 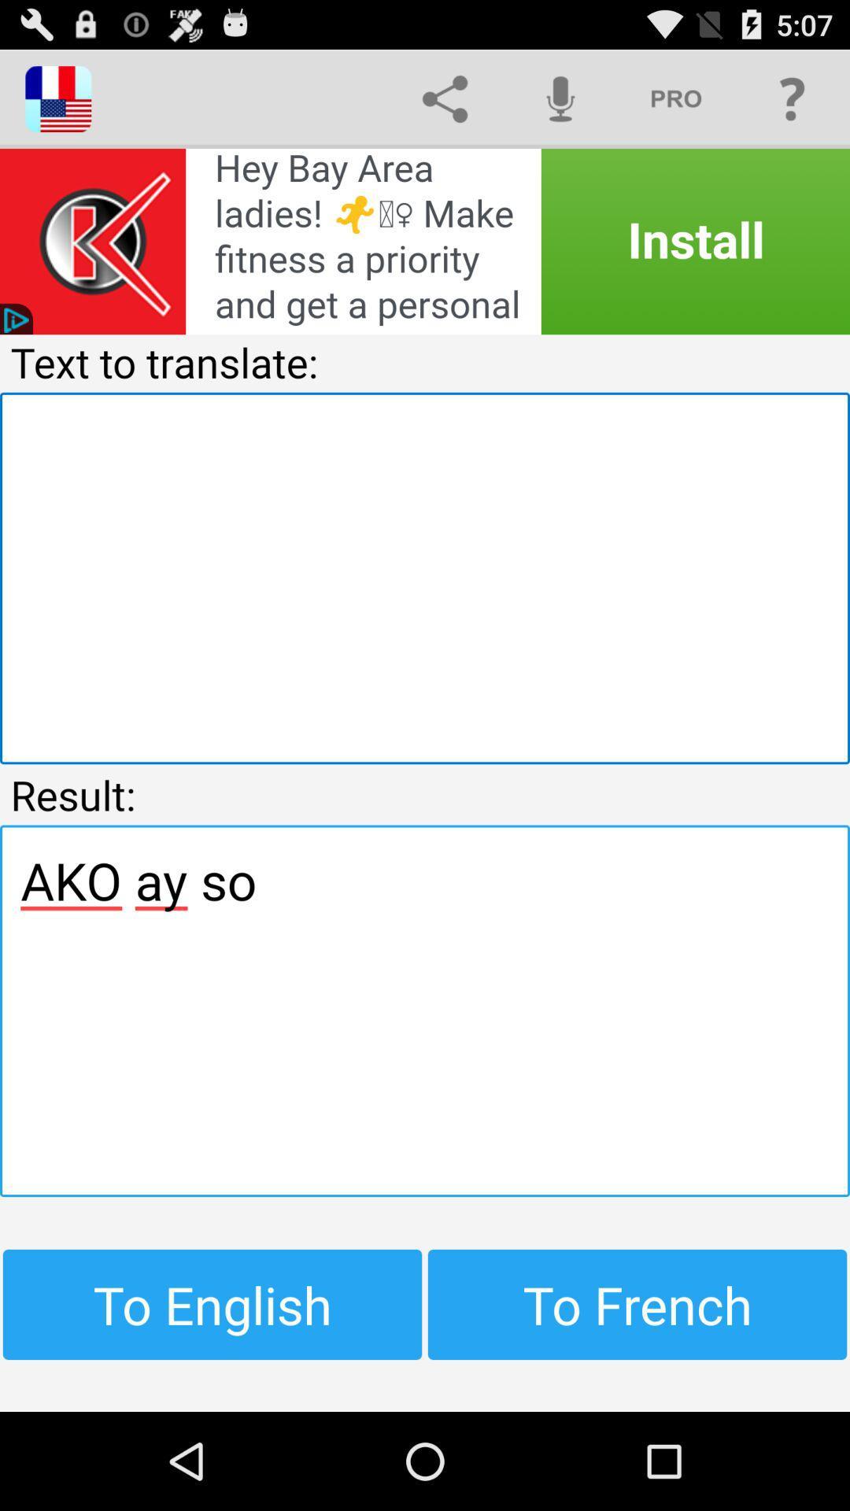 What do you see at coordinates (637, 1304) in the screenshot?
I see `to french button` at bounding box center [637, 1304].